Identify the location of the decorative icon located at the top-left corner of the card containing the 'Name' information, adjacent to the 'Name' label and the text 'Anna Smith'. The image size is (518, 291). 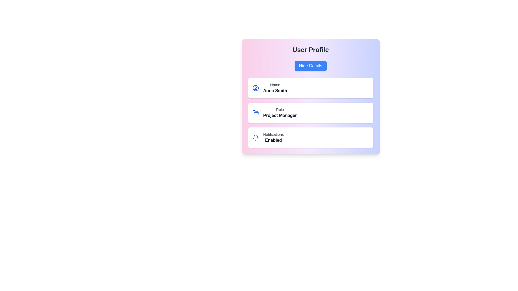
(255, 88).